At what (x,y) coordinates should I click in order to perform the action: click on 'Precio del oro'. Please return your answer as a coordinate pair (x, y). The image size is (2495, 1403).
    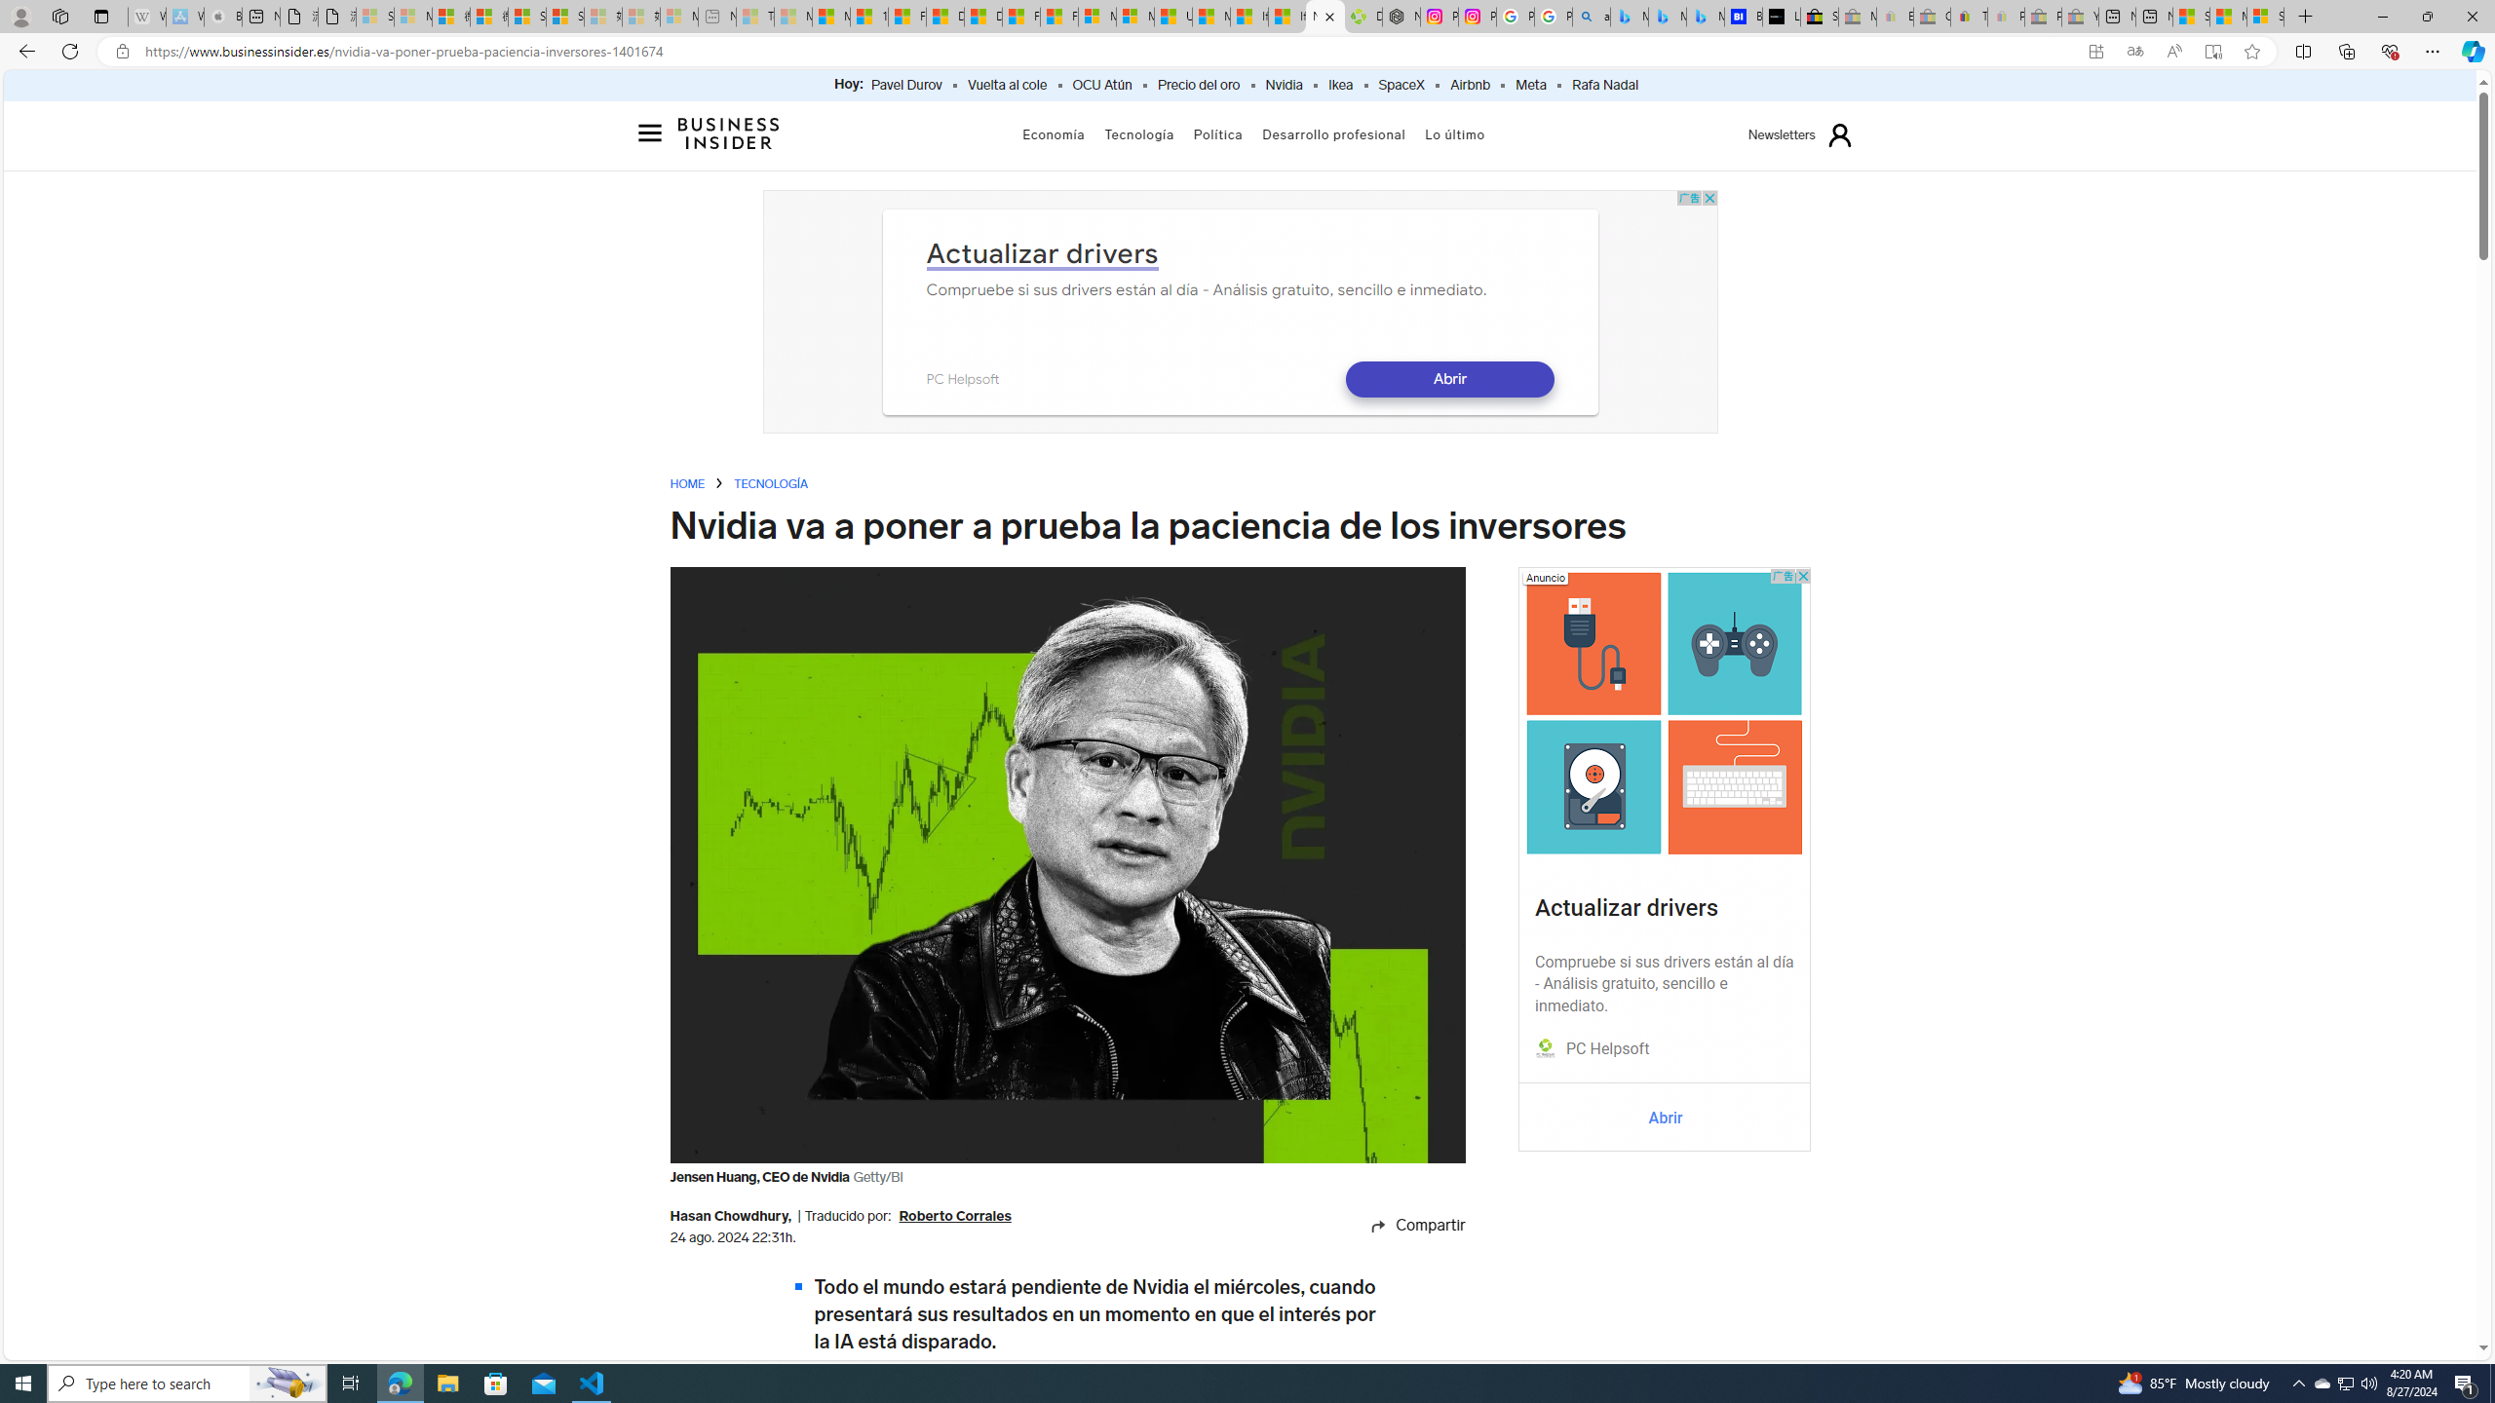
    Looking at the image, I should click on (1199, 85).